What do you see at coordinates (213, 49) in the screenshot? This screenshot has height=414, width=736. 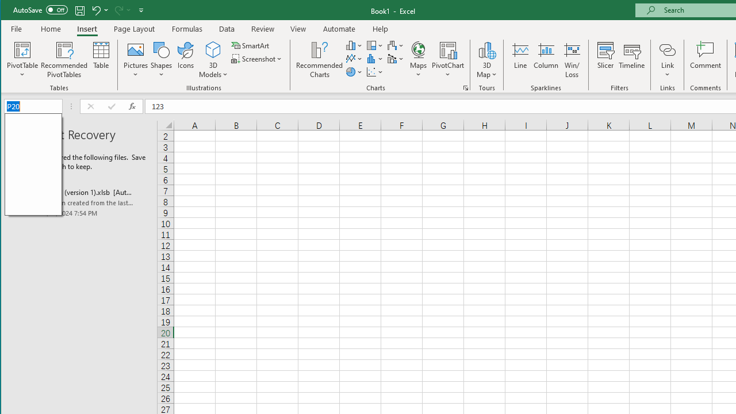 I see `'3D Models'` at bounding box center [213, 49].